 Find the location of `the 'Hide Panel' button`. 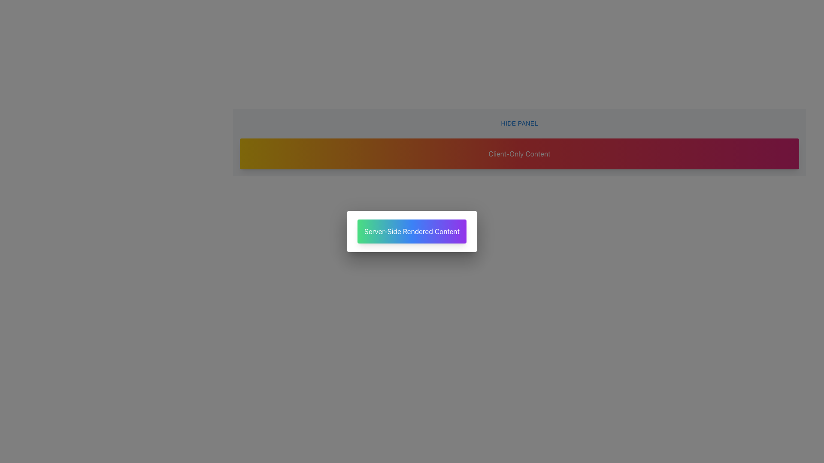

the 'Hide Panel' button is located at coordinates (519, 123).